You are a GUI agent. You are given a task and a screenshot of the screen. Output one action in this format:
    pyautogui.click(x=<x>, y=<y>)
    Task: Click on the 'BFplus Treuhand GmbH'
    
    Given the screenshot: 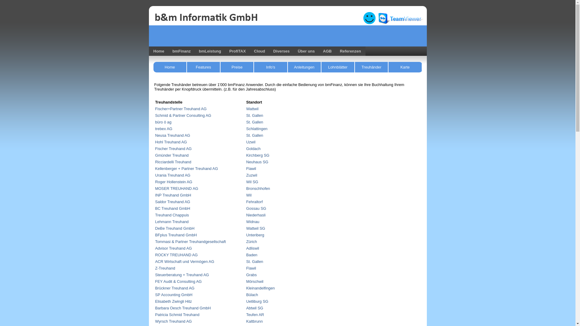 What is the action you would take?
    pyautogui.click(x=176, y=235)
    